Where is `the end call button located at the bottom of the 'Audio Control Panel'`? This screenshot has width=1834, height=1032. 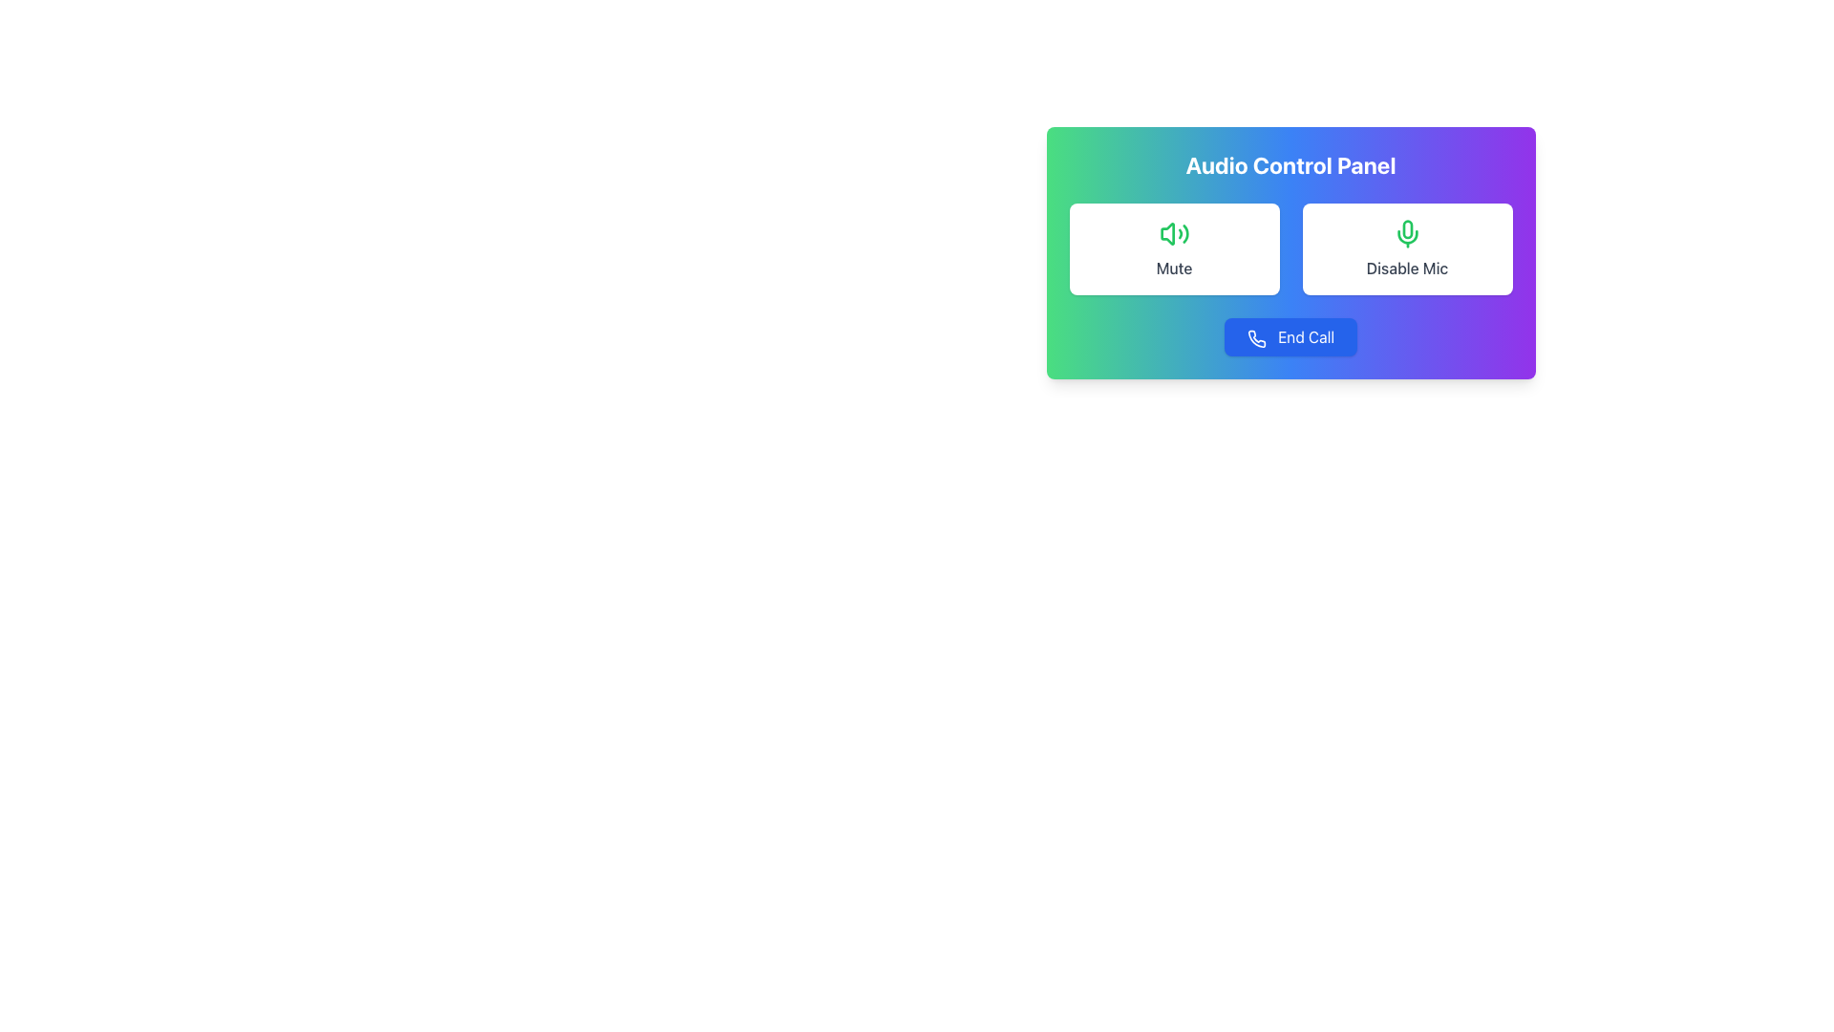 the end call button located at the bottom of the 'Audio Control Panel' is located at coordinates (1290, 336).